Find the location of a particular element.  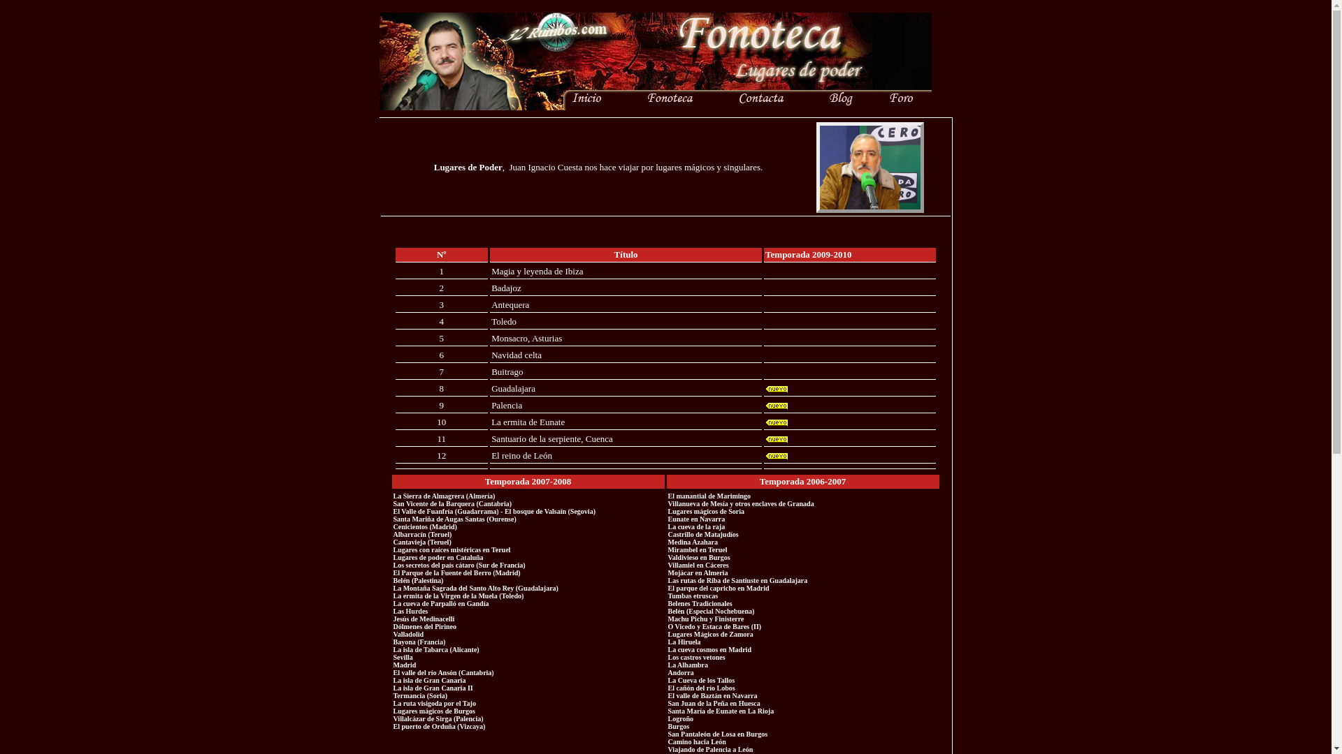

'Palencia' is located at coordinates (505, 405).